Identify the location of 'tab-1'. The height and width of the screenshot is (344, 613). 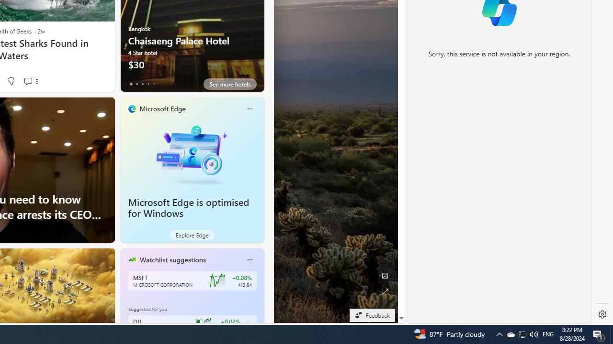
(136, 84).